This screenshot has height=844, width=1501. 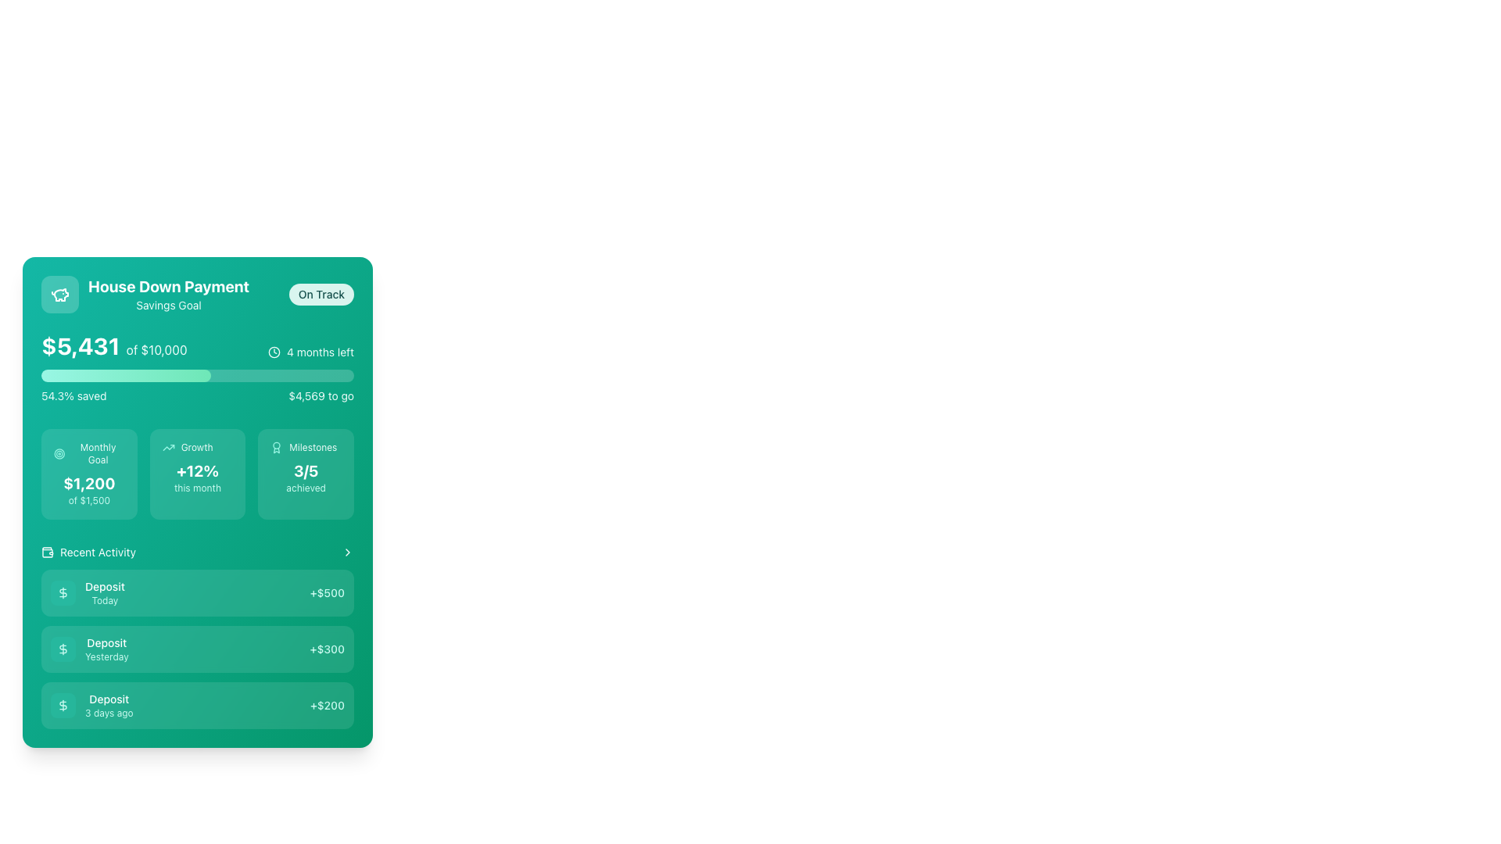 What do you see at coordinates (88, 500) in the screenshot?
I see `the Text Label displaying 'of $1,500' located below the bold text '$1,200' in the 'Monthly Goal' section` at bounding box center [88, 500].